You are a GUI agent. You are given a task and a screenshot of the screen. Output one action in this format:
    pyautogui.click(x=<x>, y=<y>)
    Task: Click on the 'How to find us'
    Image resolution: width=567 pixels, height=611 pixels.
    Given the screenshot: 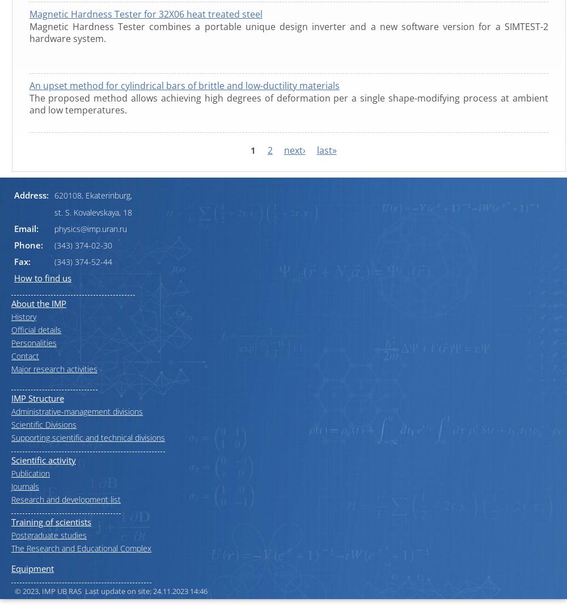 What is the action you would take?
    pyautogui.click(x=42, y=277)
    